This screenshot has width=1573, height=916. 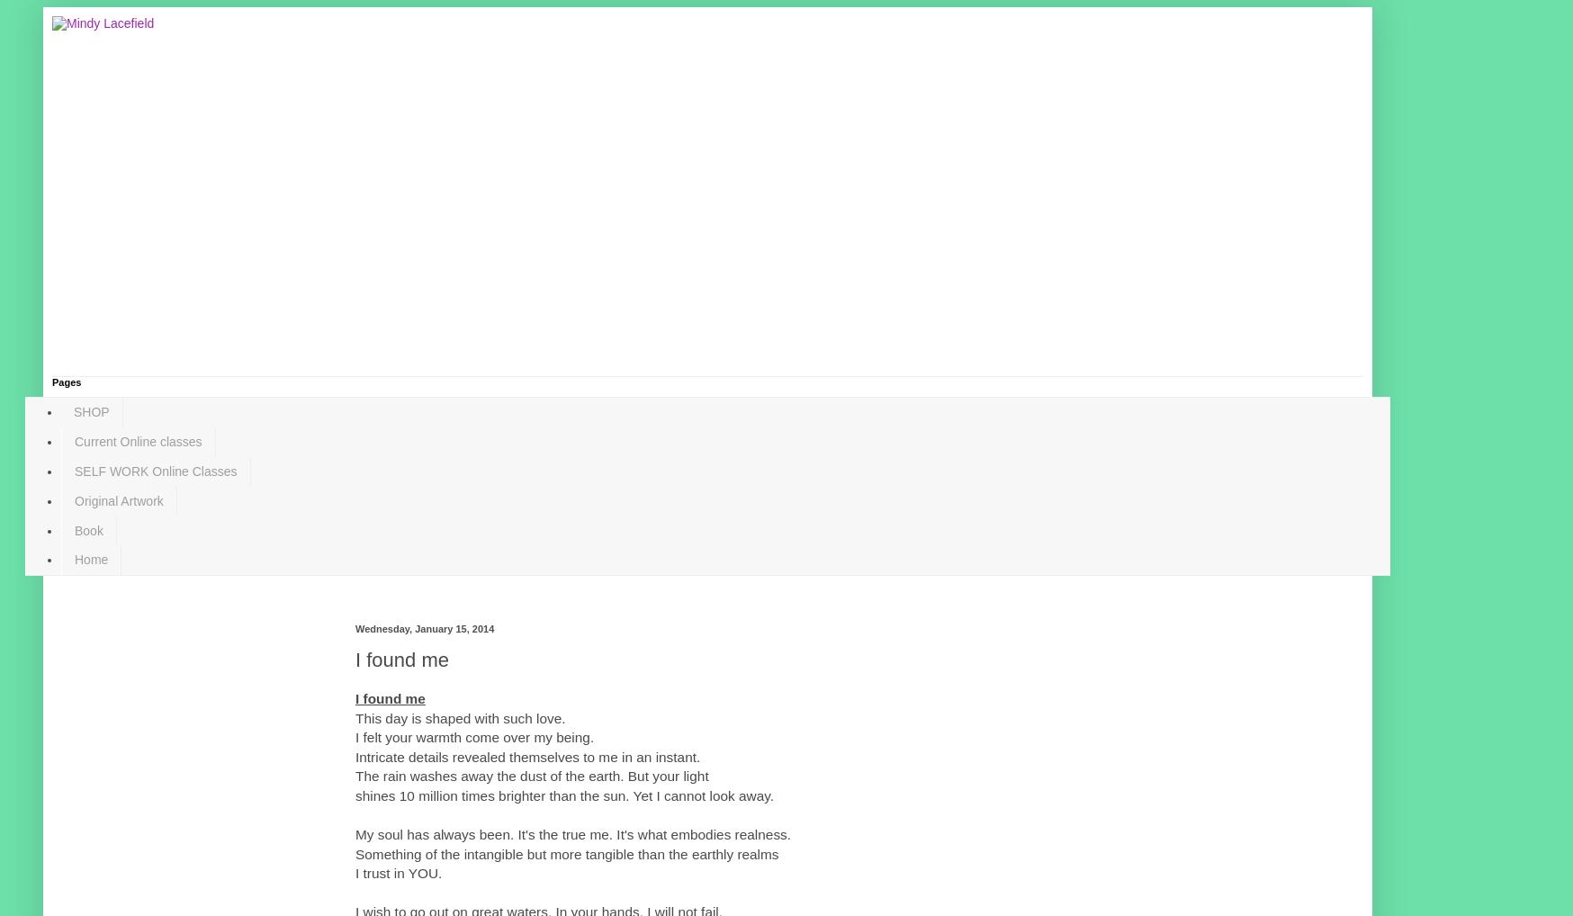 What do you see at coordinates (474, 736) in the screenshot?
I see `'I felt your warmth come over my being.'` at bounding box center [474, 736].